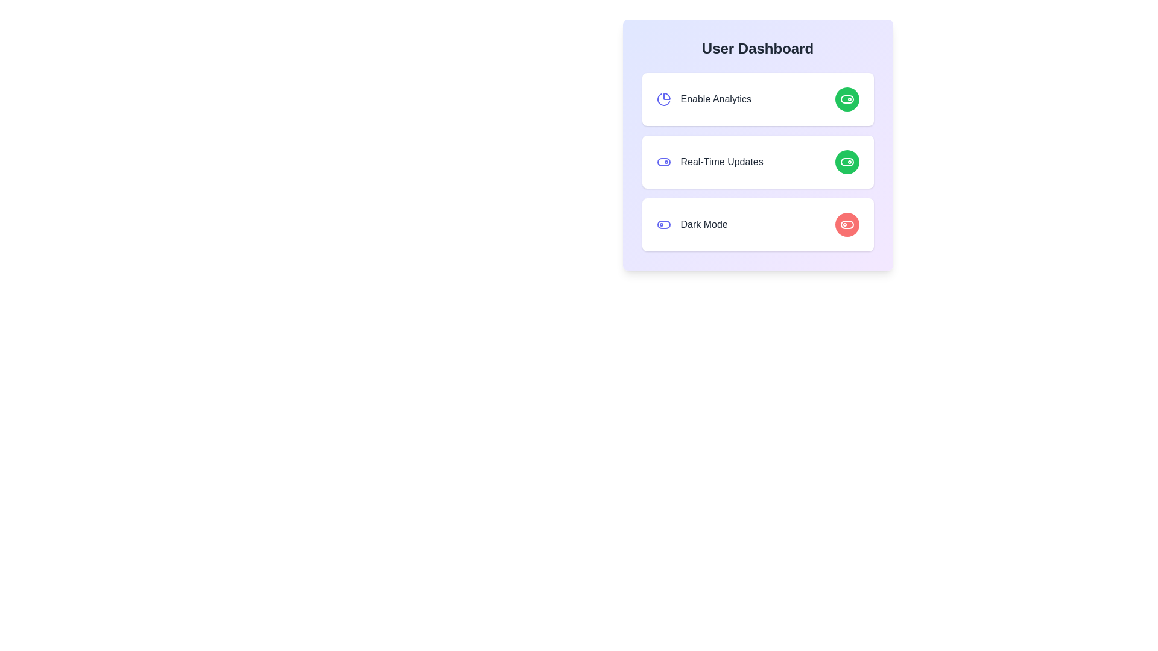 The height and width of the screenshot is (651, 1158). What do you see at coordinates (663, 225) in the screenshot?
I see `the Background element of the toggle switch located in the User Dashboard panel next to the Dark Mode label` at bounding box center [663, 225].